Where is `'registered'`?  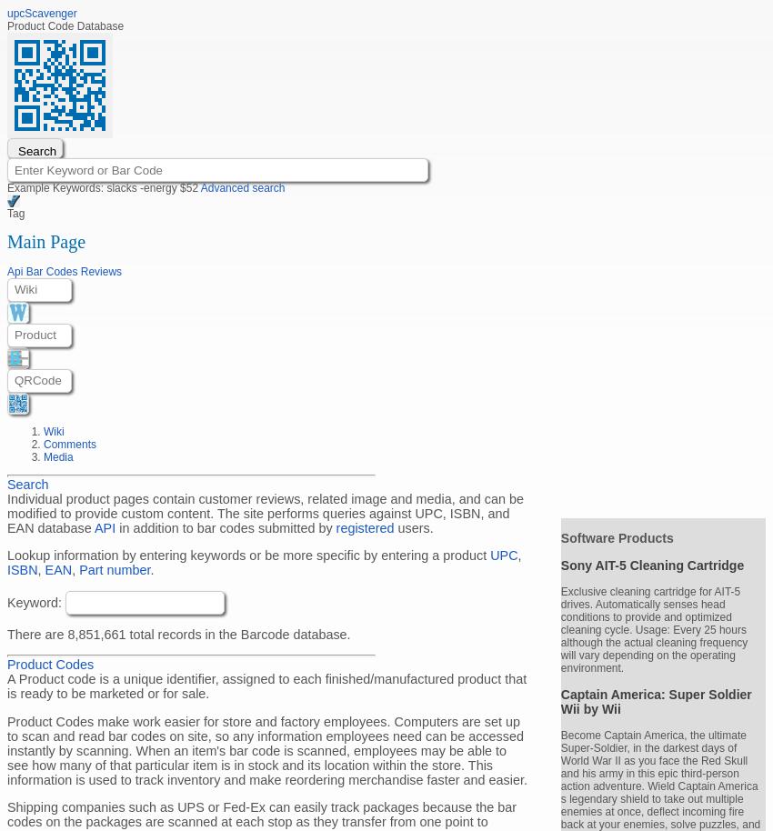
'registered' is located at coordinates (365, 527).